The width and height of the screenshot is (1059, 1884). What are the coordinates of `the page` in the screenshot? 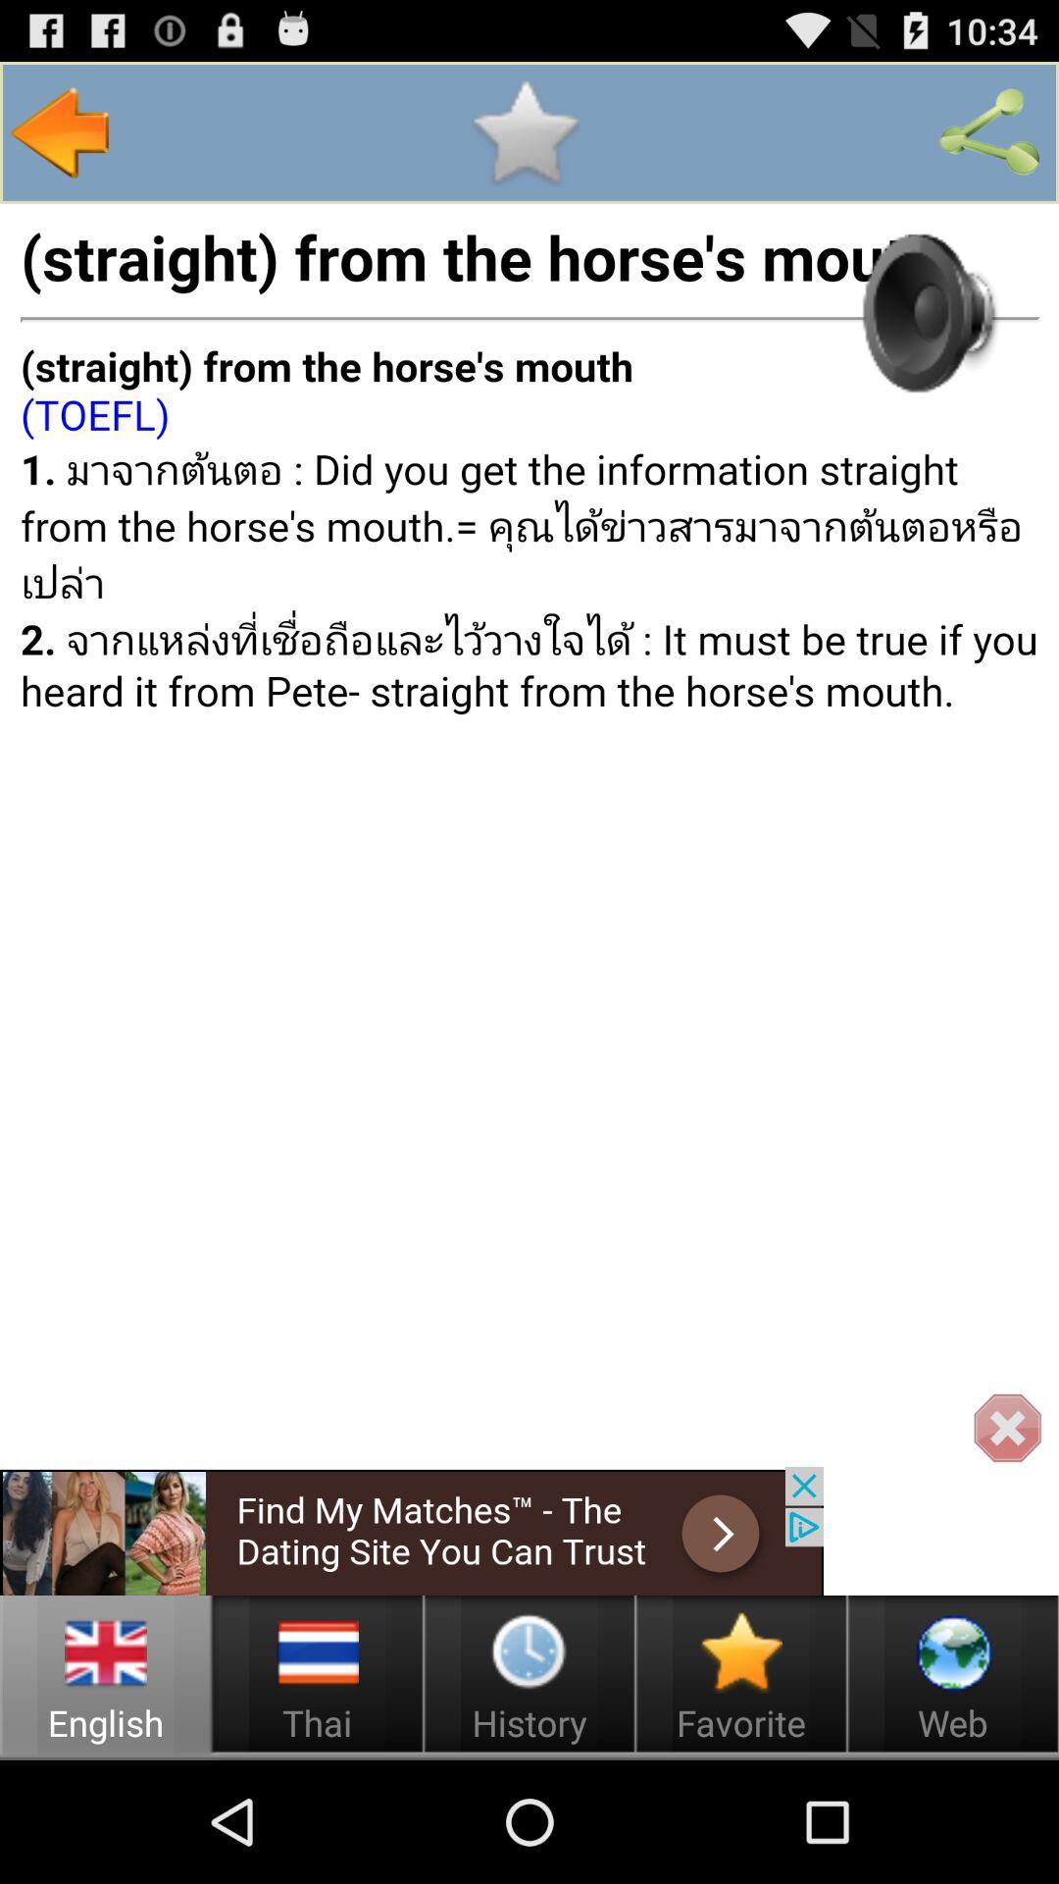 It's located at (524, 131).